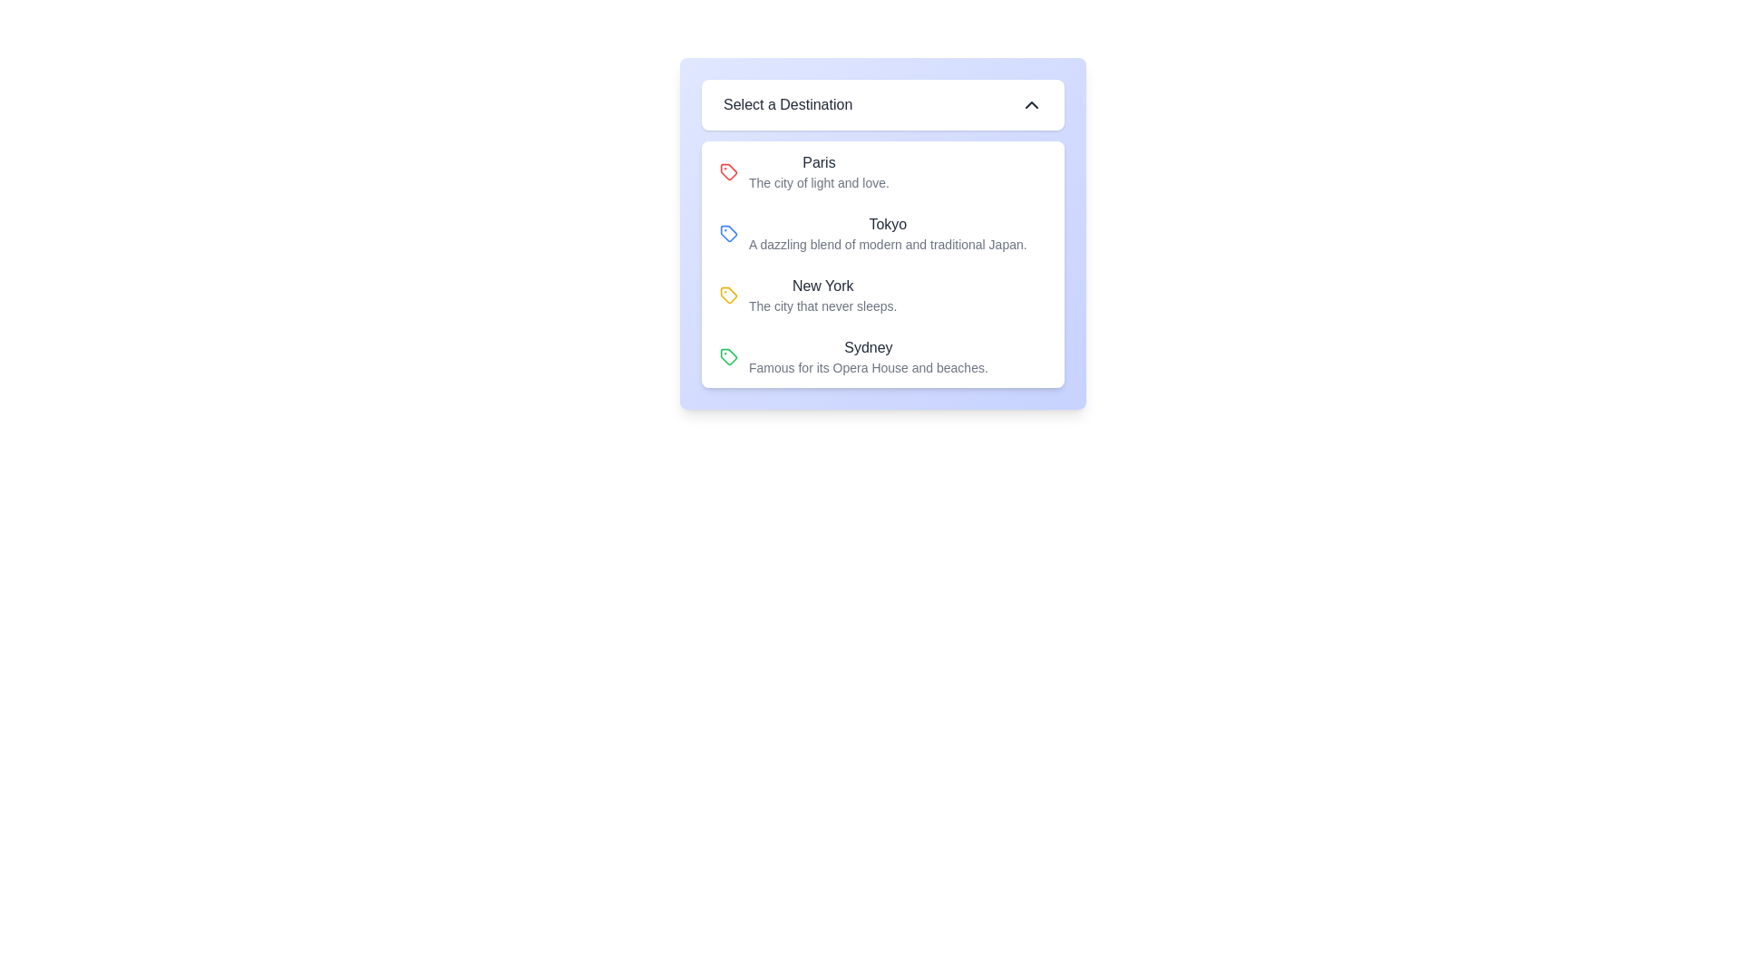 This screenshot has height=979, width=1741. Describe the element at coordinates (883, 171) in the screenshot. I see `the first list item representing the destination 'Paris'` at that location.